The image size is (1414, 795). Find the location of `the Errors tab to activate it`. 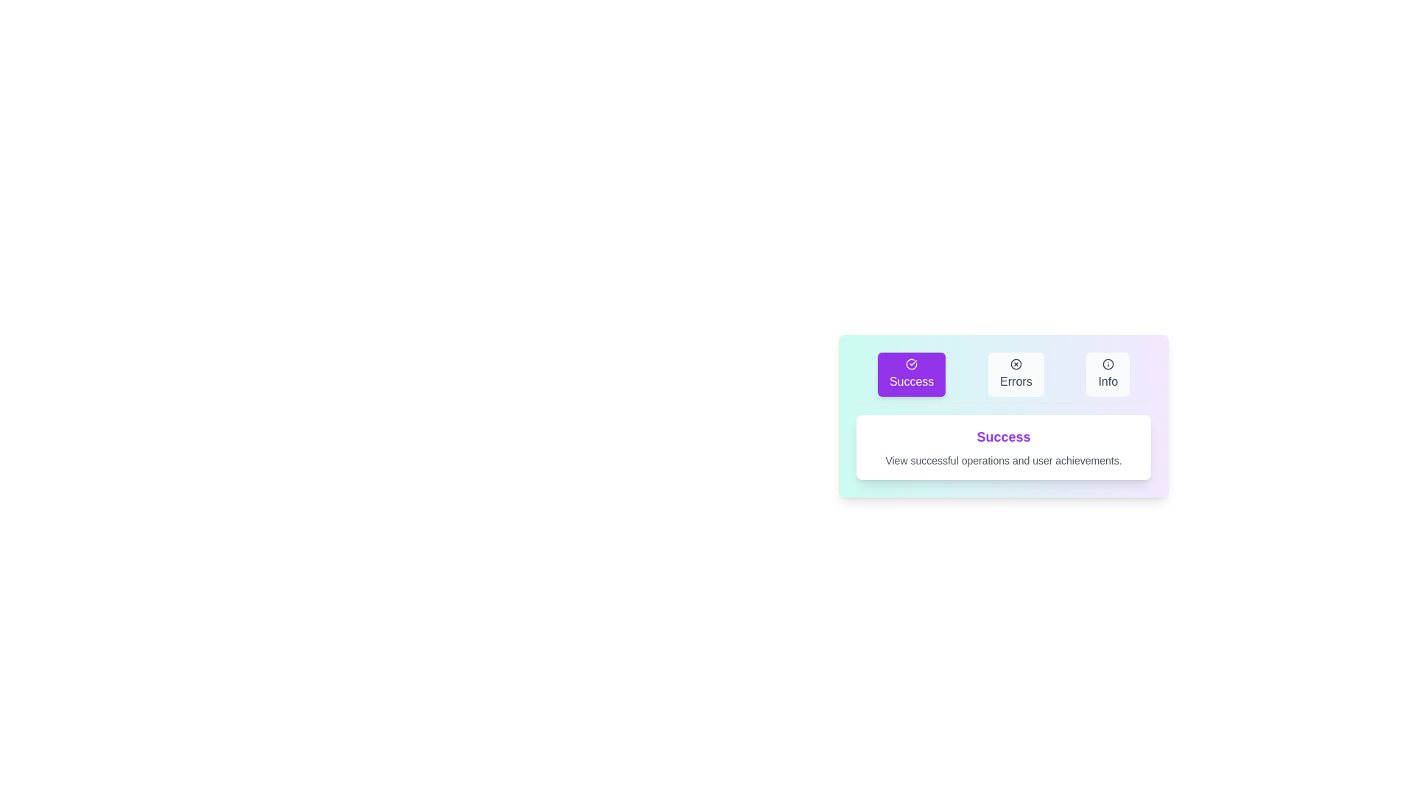

the Errors tab to activate it is located at coordinates (1015, 374).